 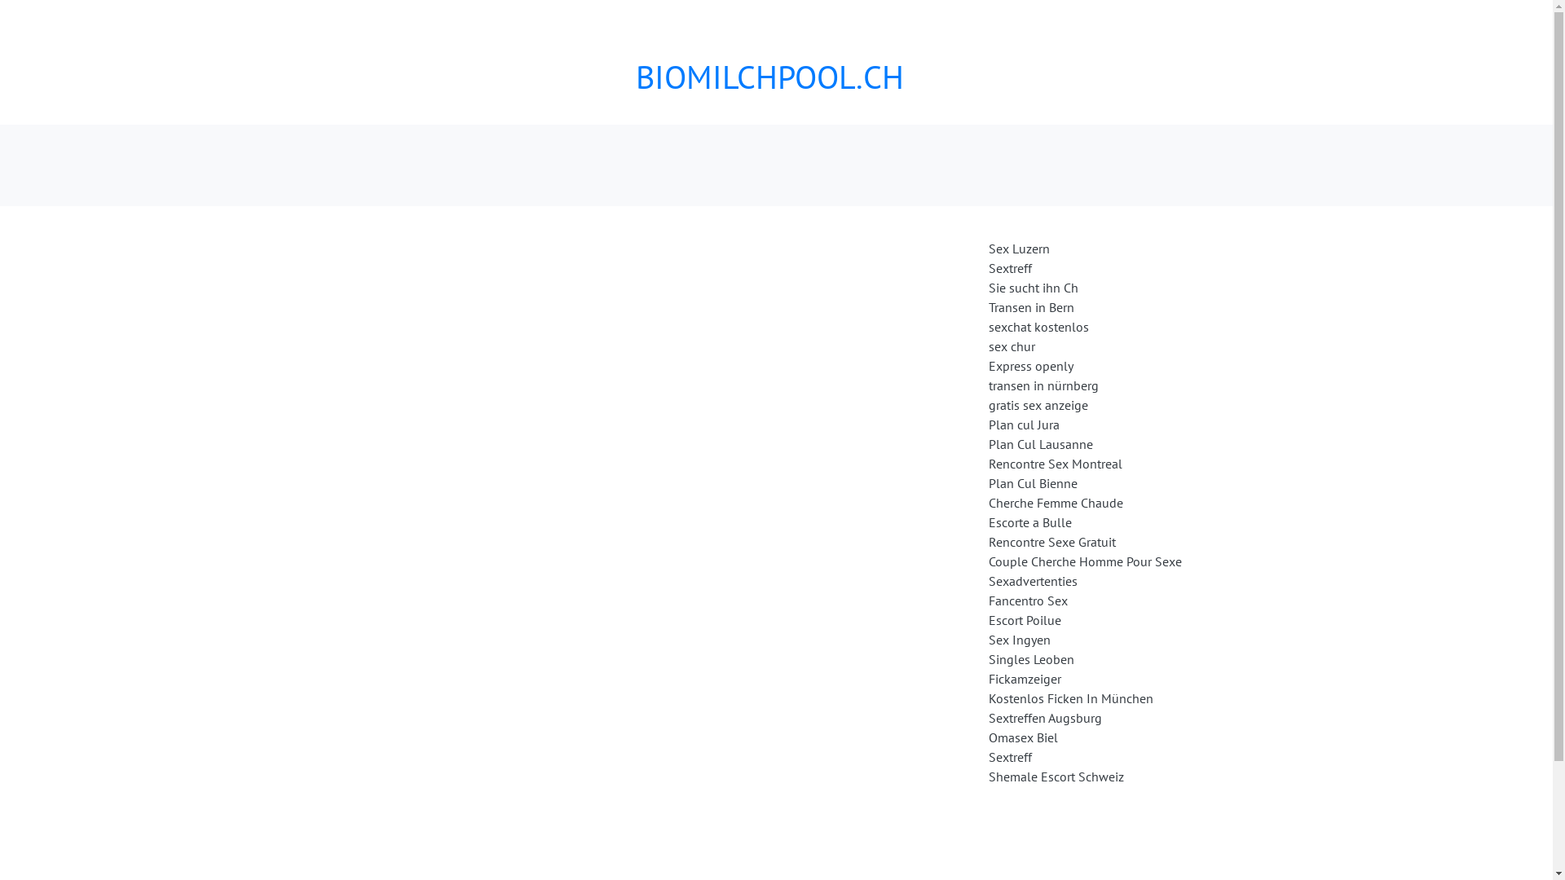 What do you see at coordinates (1026, 600) in the screenshot?
I see `'Fancentro Sex'` at bounding box center [1026, 600].